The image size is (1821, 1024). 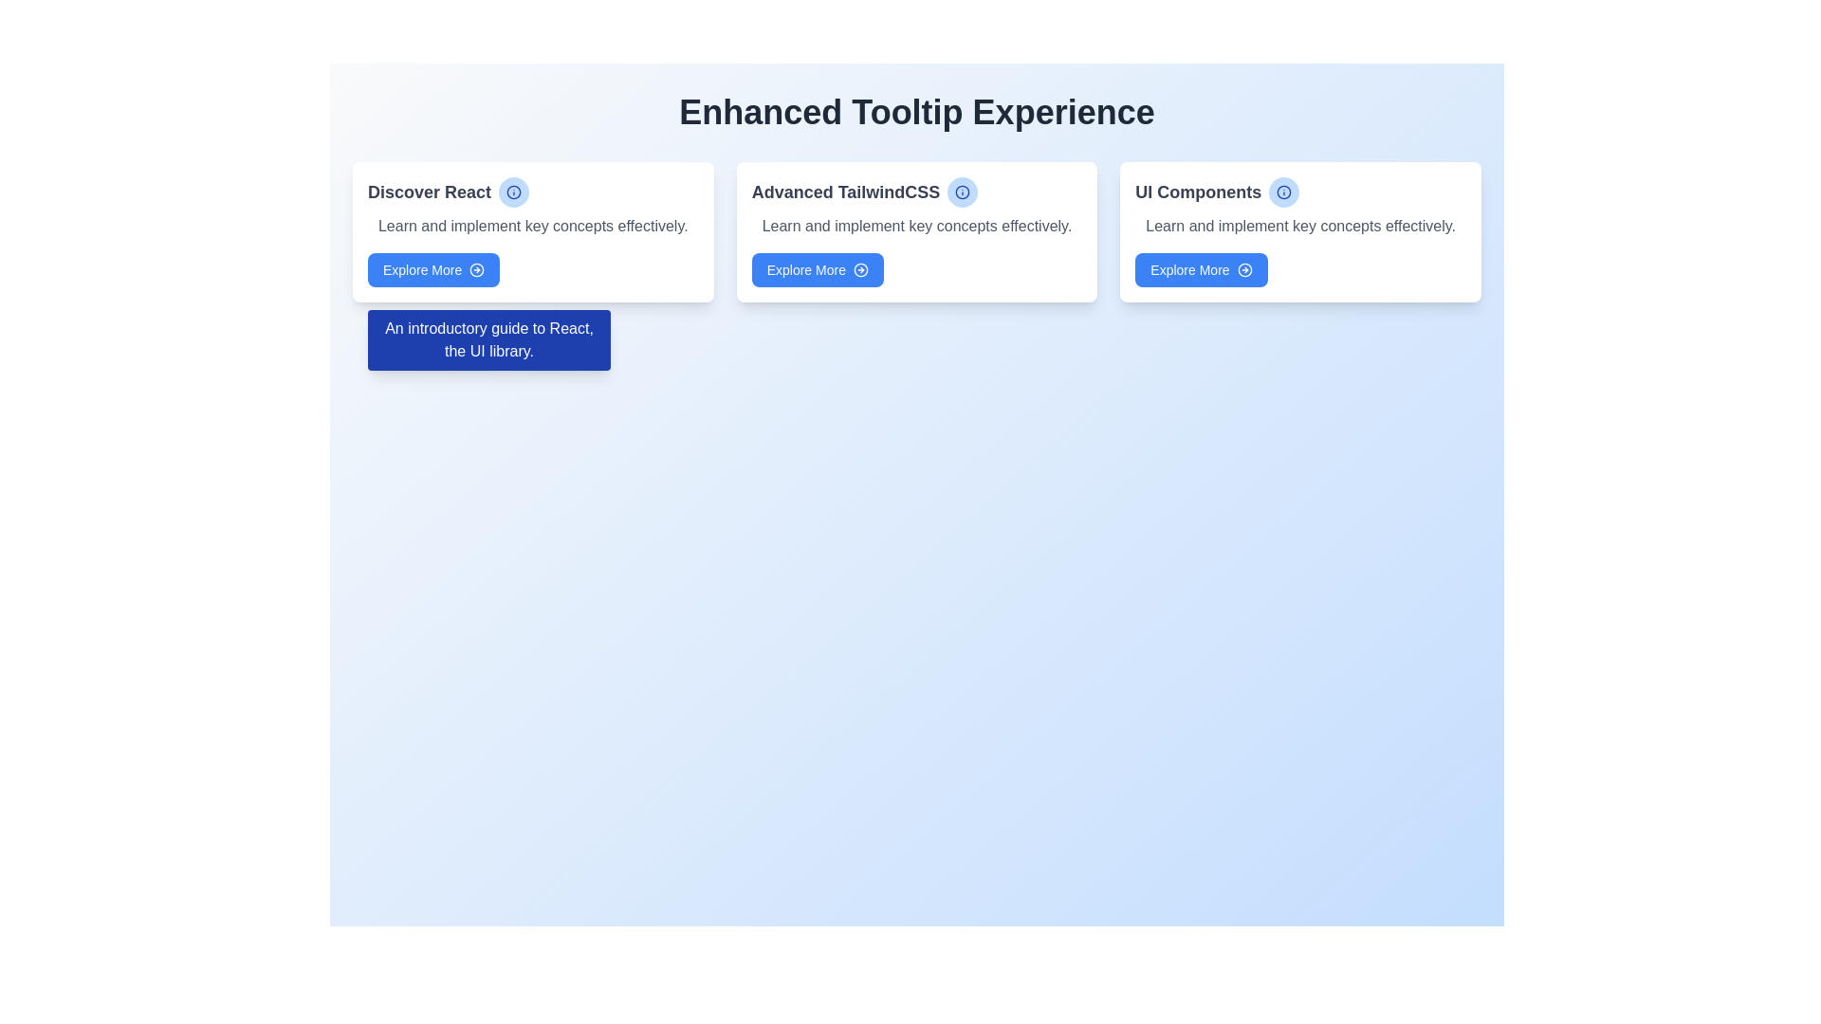 I want to click on the informational icon located to the immediate right of the card title in the 'Advanced TailwindCSS' section, so click(x=963, y=192).